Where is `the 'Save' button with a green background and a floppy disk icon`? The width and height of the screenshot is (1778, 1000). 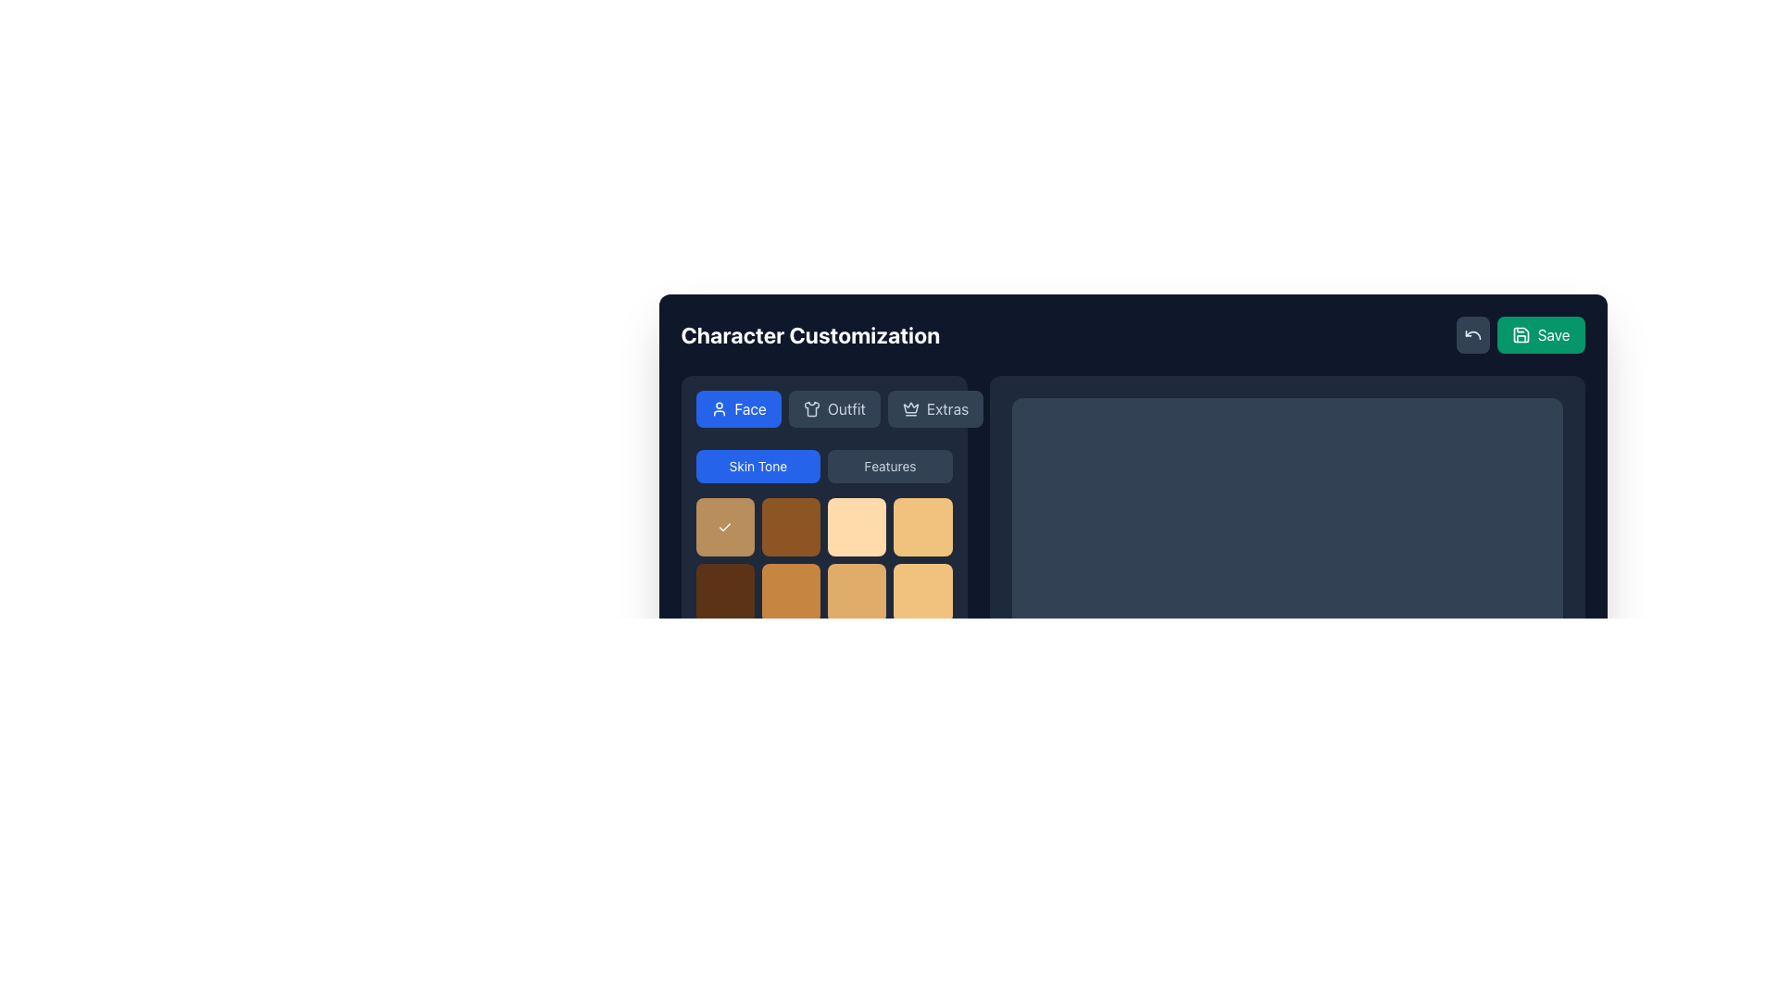
the 'Save' button with a green background and a floppy disk icon is located at coordinates (1520, 335).